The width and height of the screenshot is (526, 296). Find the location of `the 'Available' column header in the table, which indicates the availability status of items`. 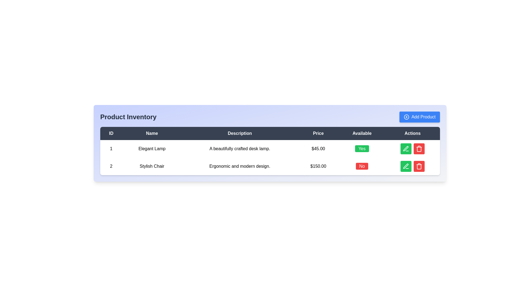

the 'Available' column header in the table, which indicates the availability status of items is located at coordinates (362, 133).